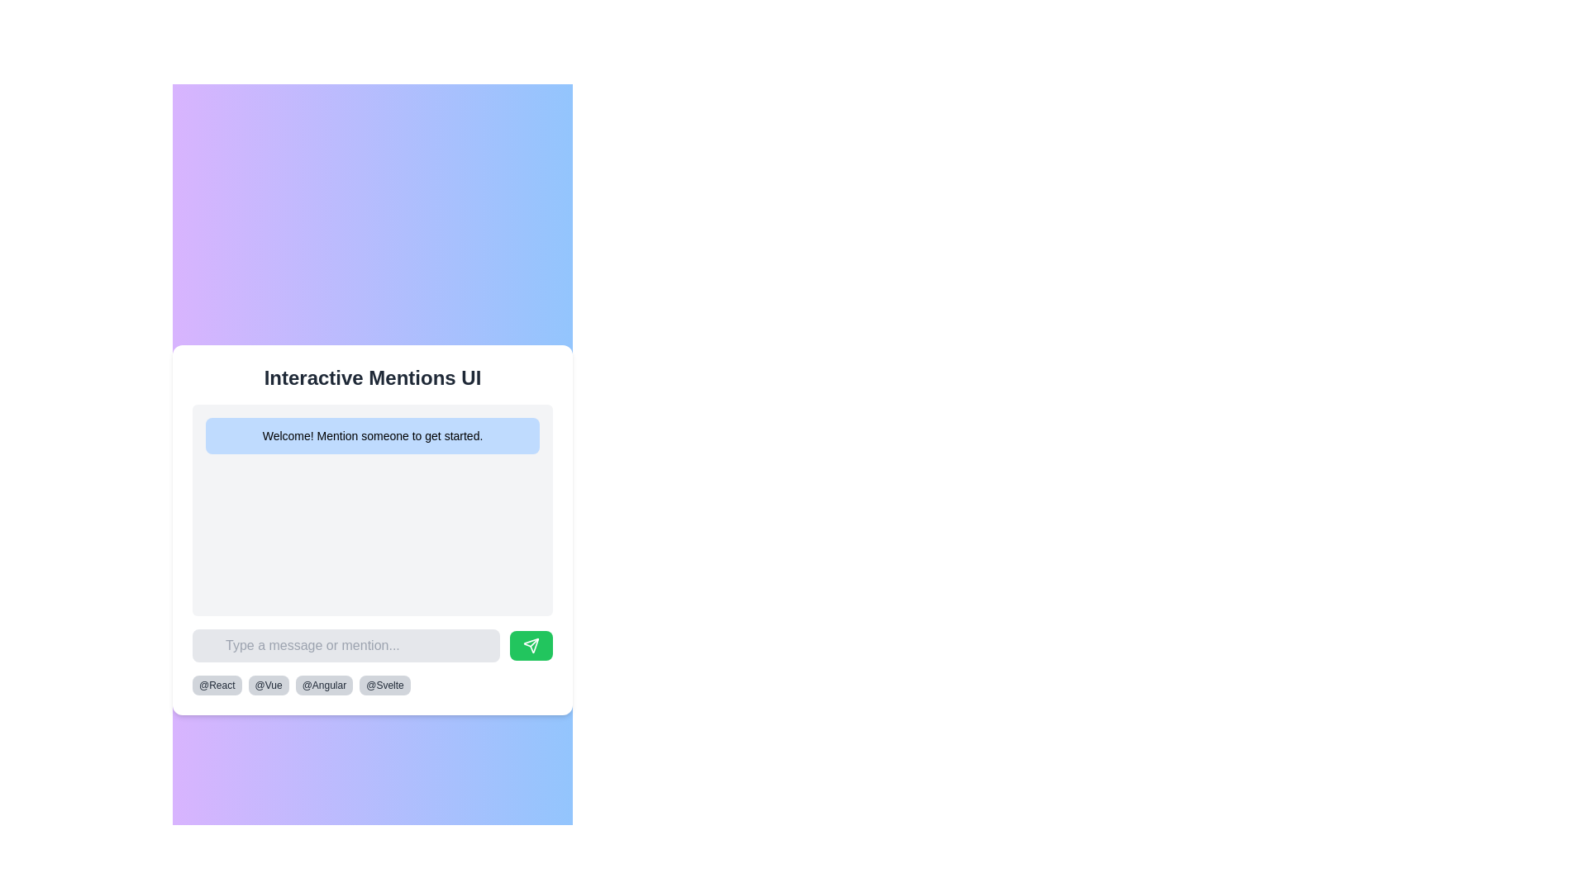 Image resolution: width=1587 pixels, height=892 pixels. What do you see at coordinates (324, 685) in the screenshot?
I see `the Angular tag button, which is the third button in a row of four, located between the '@Vue' and '@Svelte' buttons at the bottom of the interface to initiate an interaction` at bounding box center [324, 685].